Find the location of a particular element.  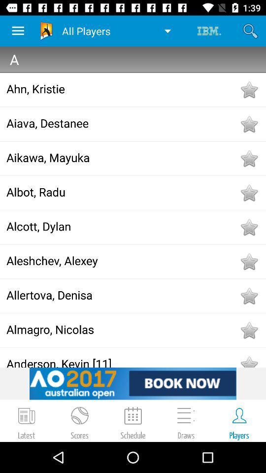

to favorites is located at coordinates (248, 360).